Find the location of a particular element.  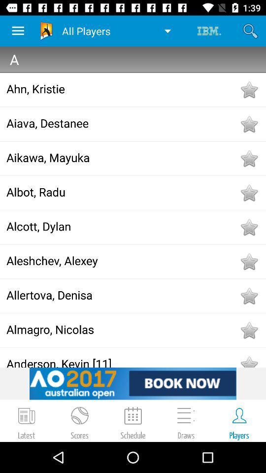

to favorites is located at coordinates (248, 360).